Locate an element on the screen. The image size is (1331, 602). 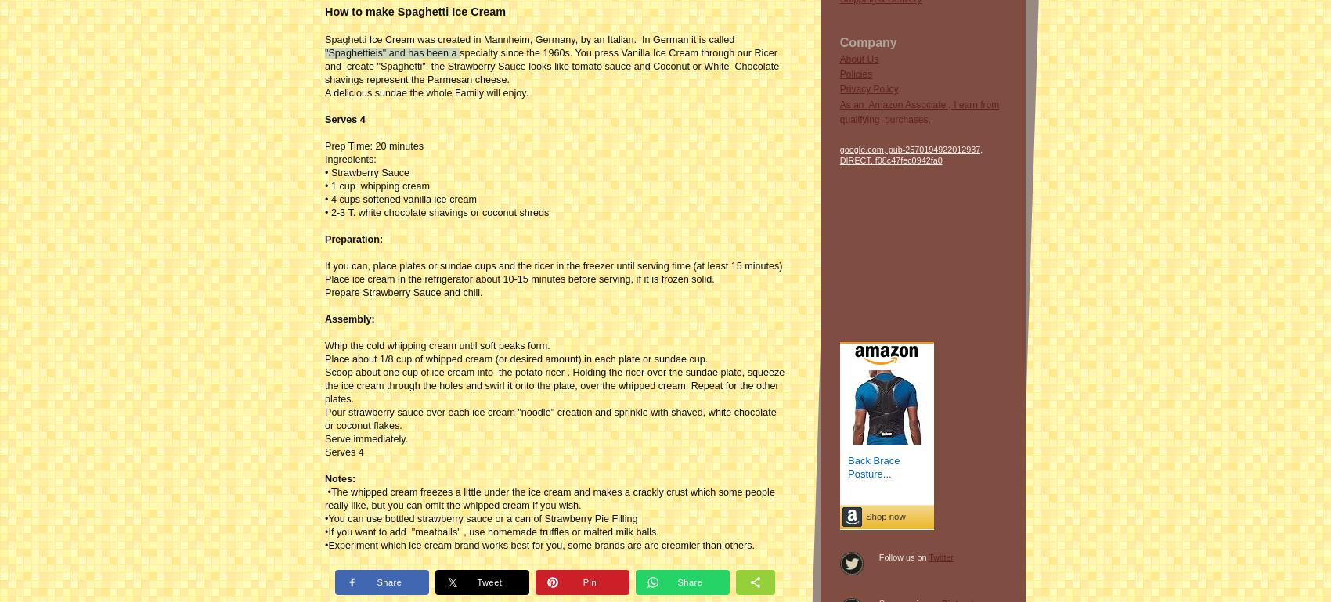
'If you can, place plates or sundae cups and the ricer in the freezer until serving time (at least 15 minutes)' is located at coordinates (554, 265).